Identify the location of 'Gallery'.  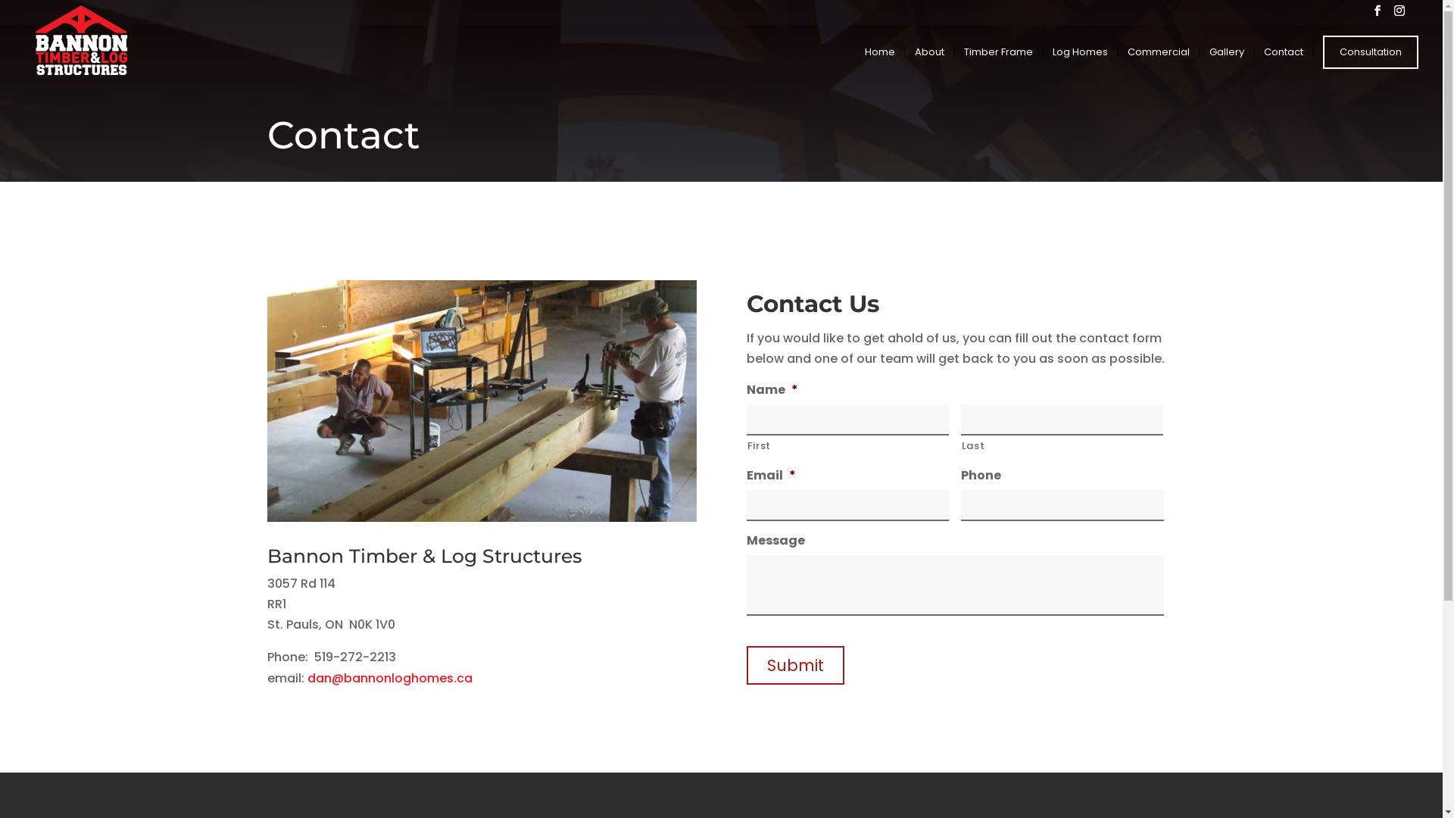
(1227, 62).